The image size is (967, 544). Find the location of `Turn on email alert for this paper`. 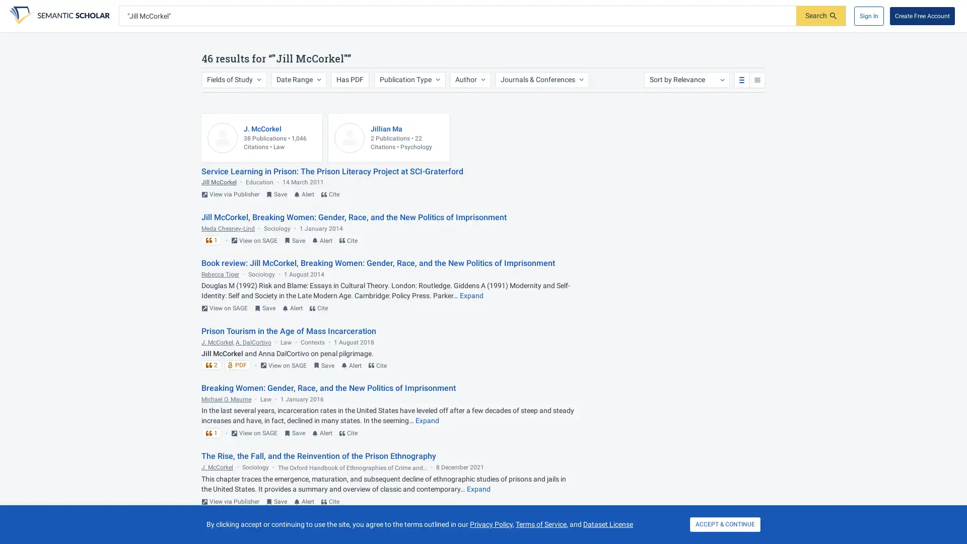

Turn on email alert for this paper is located at coordinates (321, 240).